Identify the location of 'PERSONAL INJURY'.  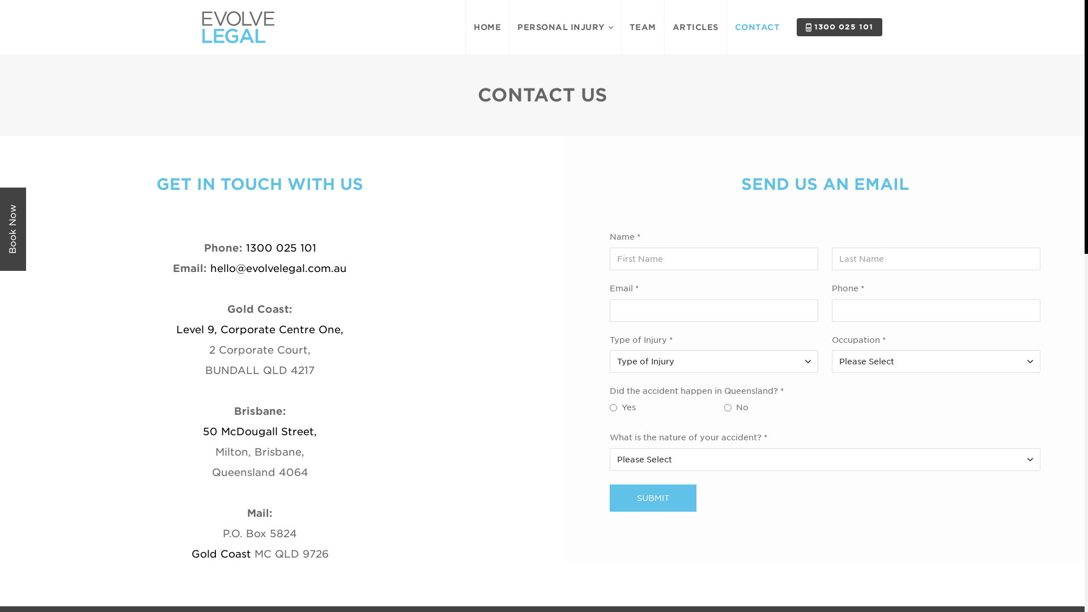
(565, 26).